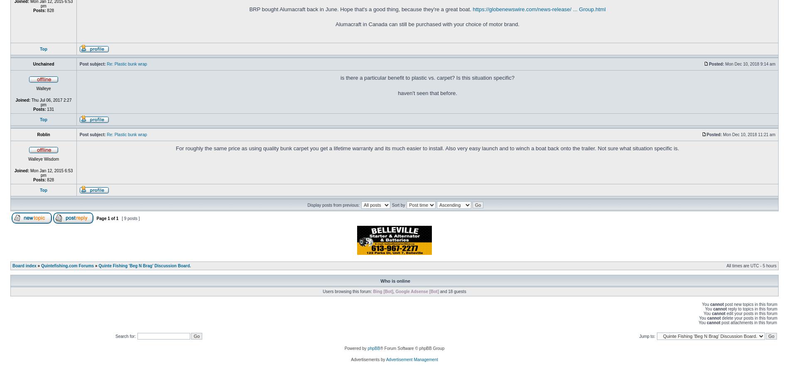  What do you see at coordinates (395, 281) in the screenshot?
I see `'Who is online'` at bounding box center [395, 281].